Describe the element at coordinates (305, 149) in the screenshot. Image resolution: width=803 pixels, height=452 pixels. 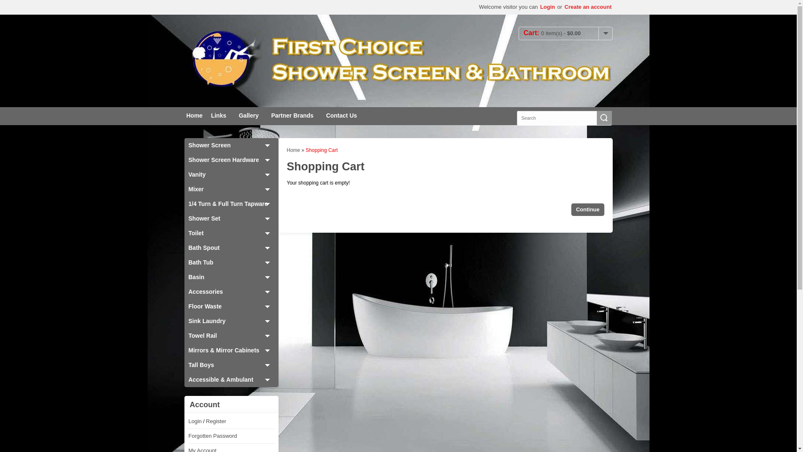
I see `'Shopping Cart'` at that location.